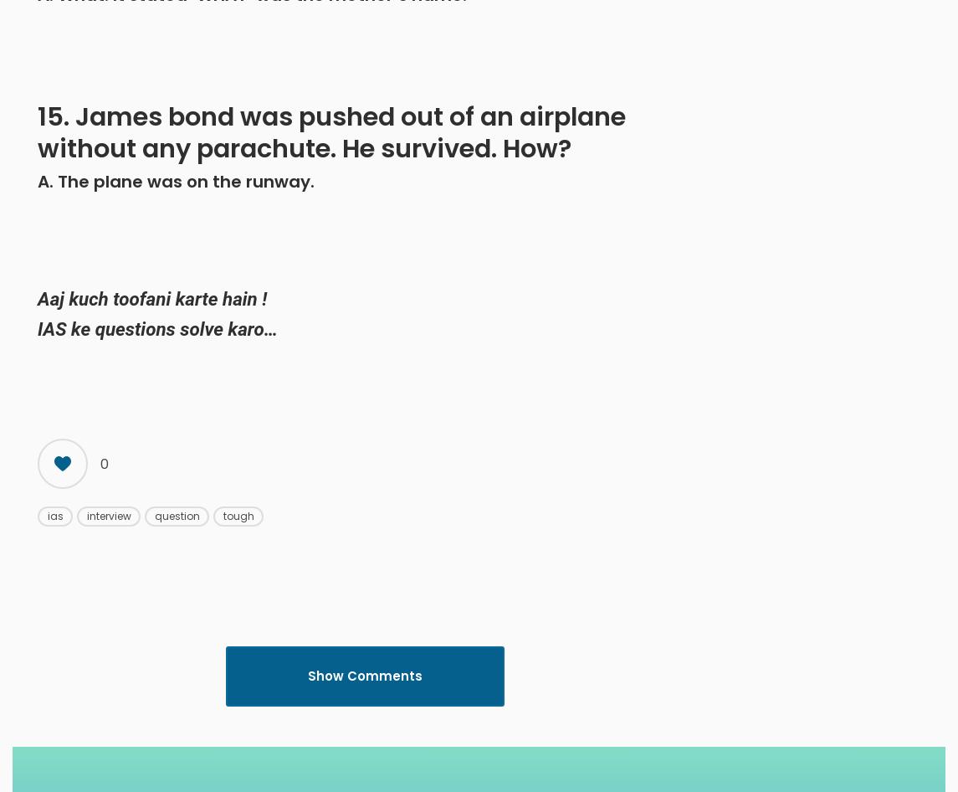 Image resolution: width=958 pixels, height=792 pixels. Describe the element at coordinates (108, 515) in the screenshot. I see `'interview'` at that location.